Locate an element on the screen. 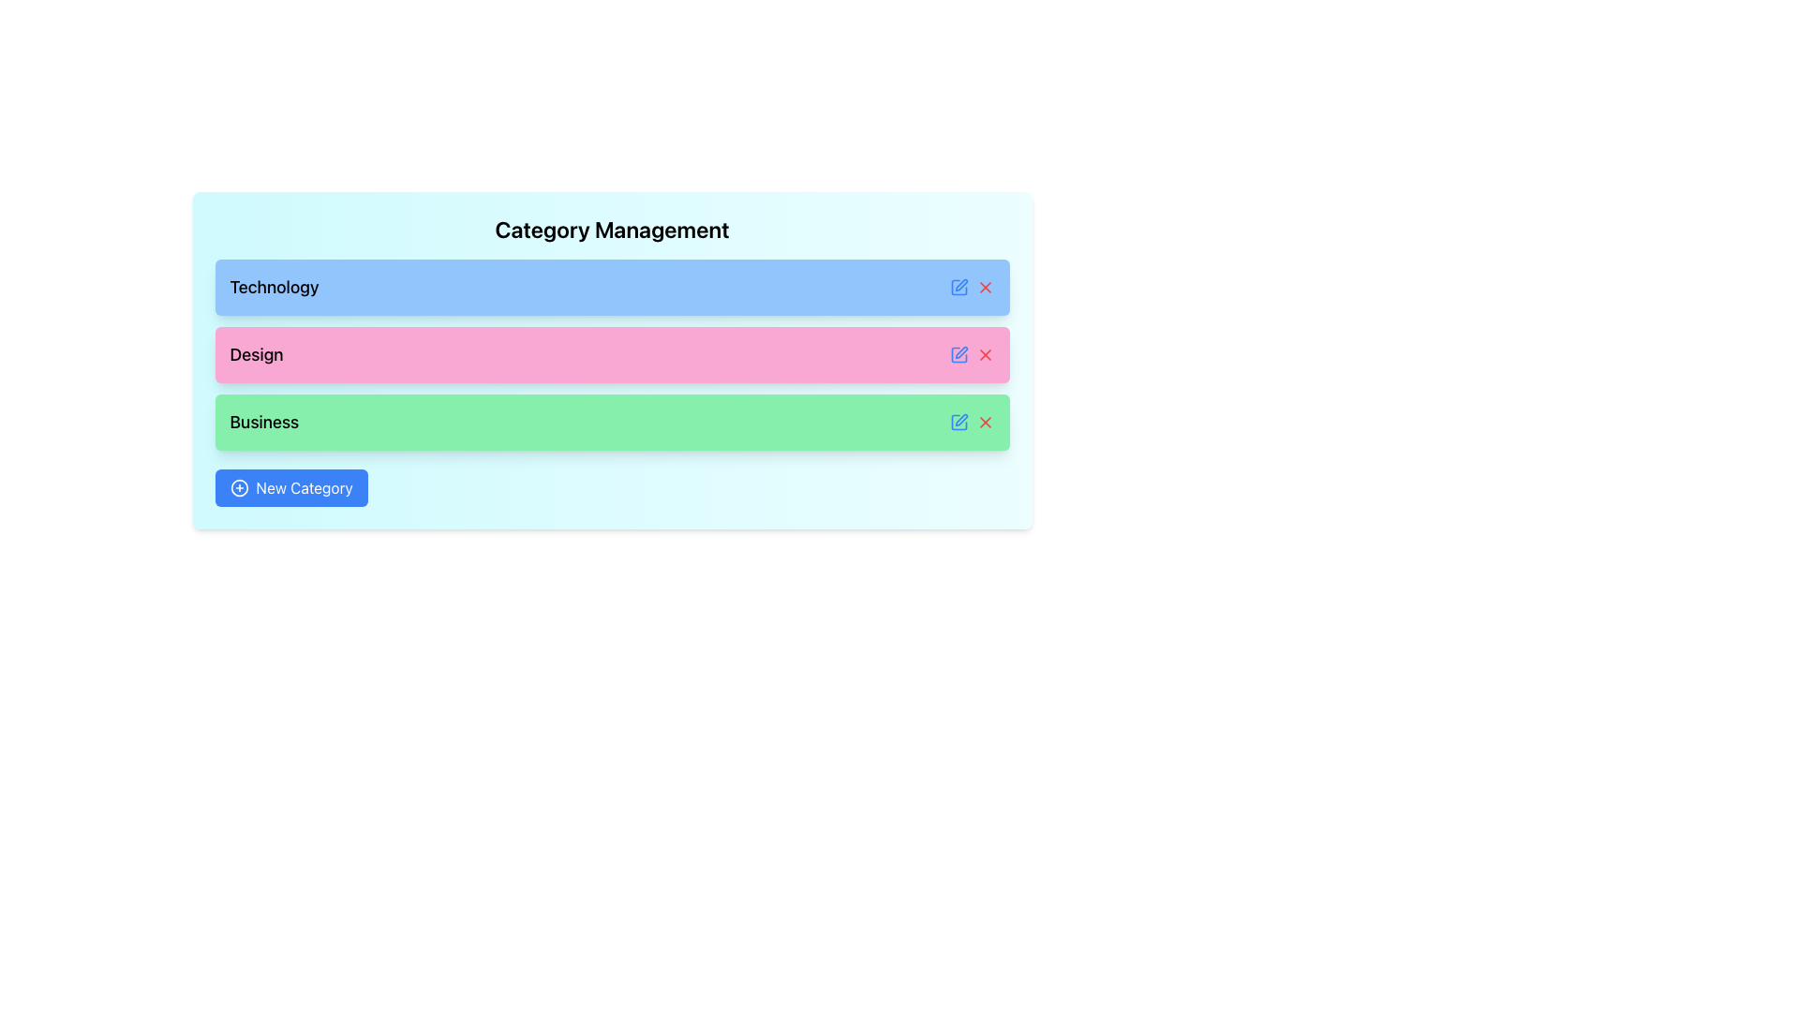 The height and width of the screenshot is (1012, 1799). the red 'X' icon button located as the second icon on the right side of the pink 'Design' category bar is located at coordinates (984, 354).